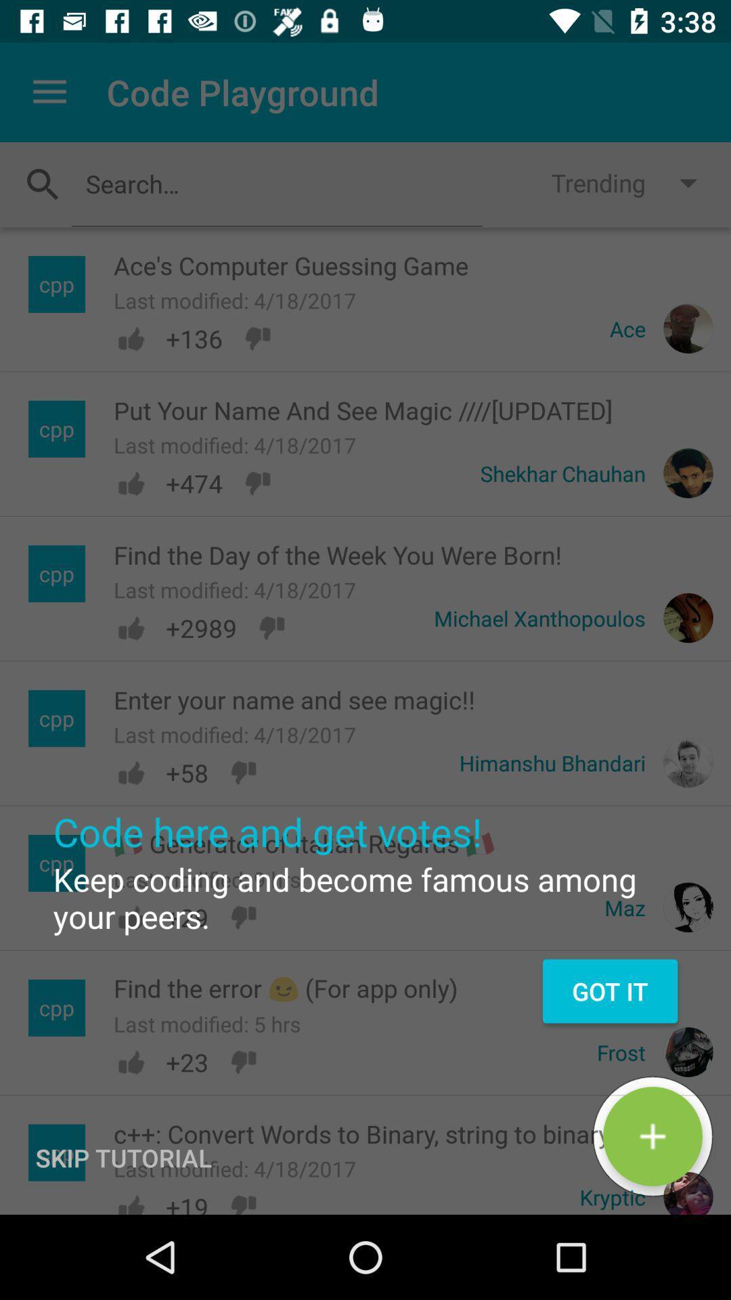 This screenshot has width=731, height=1300. Describe the element at coordinates (652, 1136) in the screenshot. I see `item to the right of last modified 4` at that location.